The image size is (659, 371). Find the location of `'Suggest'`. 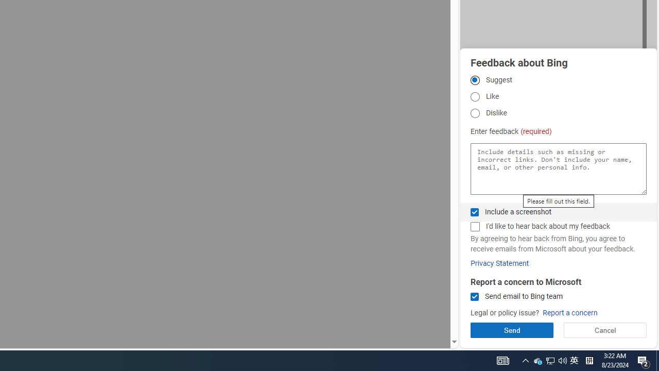

'Suggest' is located at coordinates (474, 79).